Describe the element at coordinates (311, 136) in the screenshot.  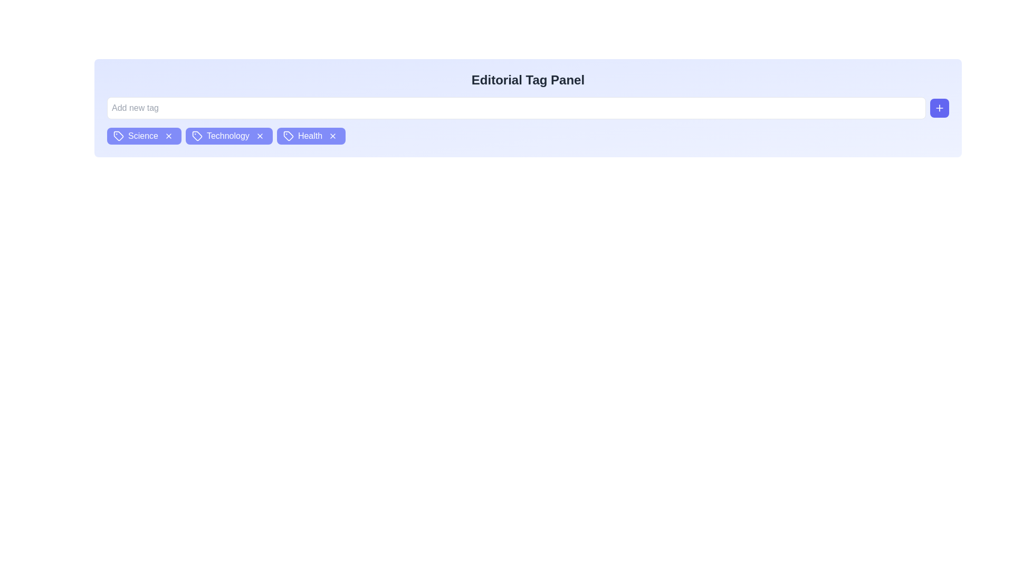
I see `the 'x' close button on the 'Health' tag element` at that location.